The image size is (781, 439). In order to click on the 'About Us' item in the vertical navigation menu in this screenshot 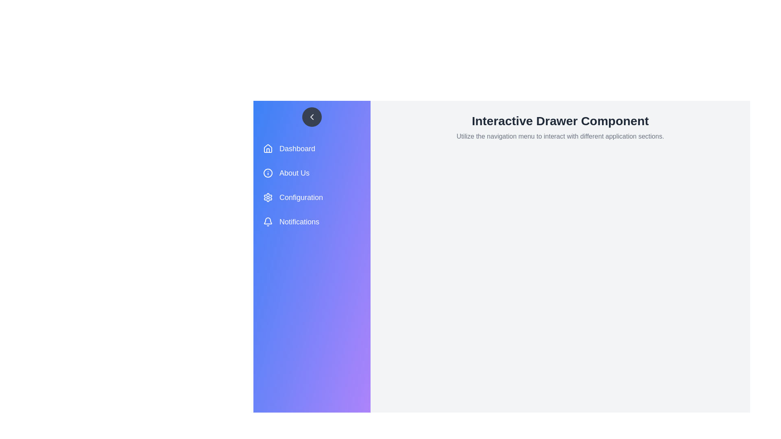, I will do `click(314, 185)`.